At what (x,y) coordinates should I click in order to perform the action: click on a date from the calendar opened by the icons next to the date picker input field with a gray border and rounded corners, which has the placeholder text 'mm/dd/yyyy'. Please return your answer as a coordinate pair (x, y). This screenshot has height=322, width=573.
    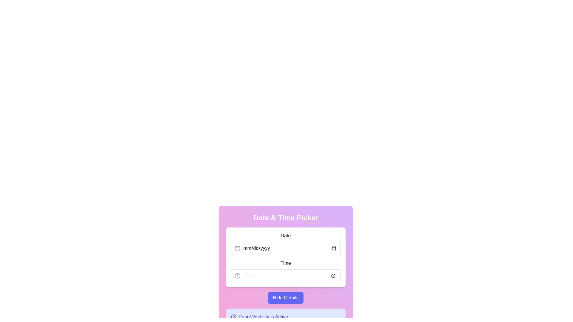
    Looking at the image, I should click on (285, 248).